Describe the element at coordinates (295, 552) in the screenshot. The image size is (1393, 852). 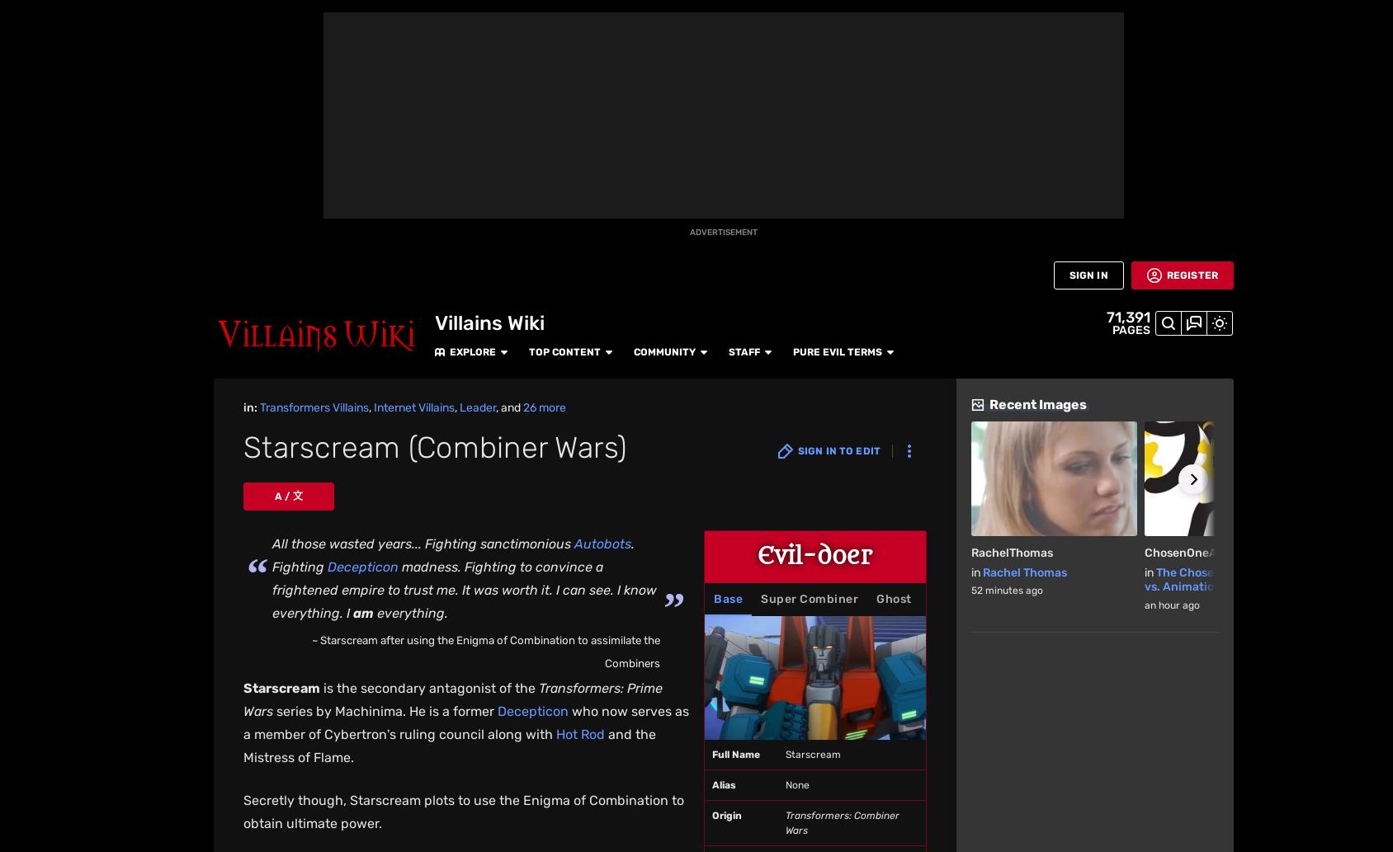
I see `'Navigation'` at that location.